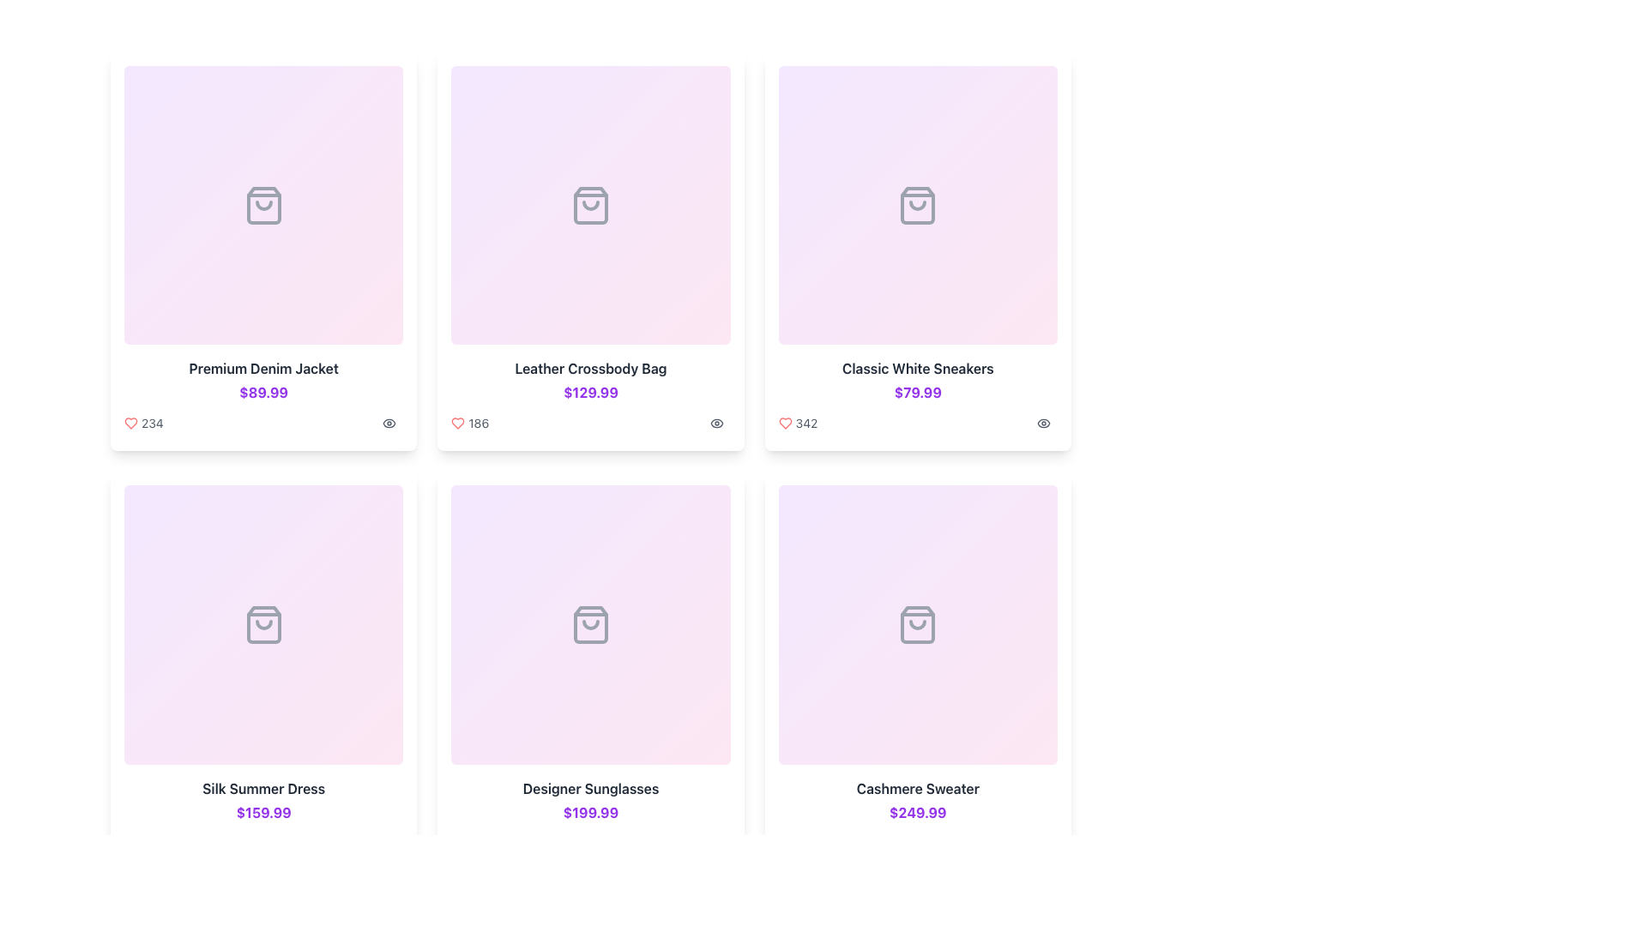 This screenshot has width=1647, height=926. What do you see at coordinates (470, 424) in the screenshot?
I see `the likes indicator for the 'Leather Crossbody Bag'` at bounding box center [470, 424].